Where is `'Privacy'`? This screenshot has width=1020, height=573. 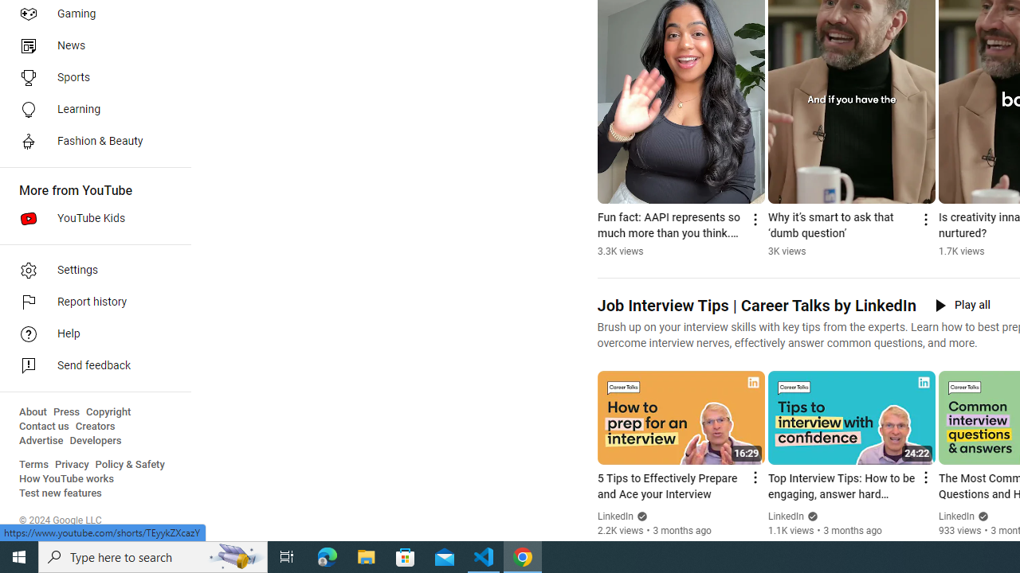 'Privacy' is located at coordinates (71, 465).